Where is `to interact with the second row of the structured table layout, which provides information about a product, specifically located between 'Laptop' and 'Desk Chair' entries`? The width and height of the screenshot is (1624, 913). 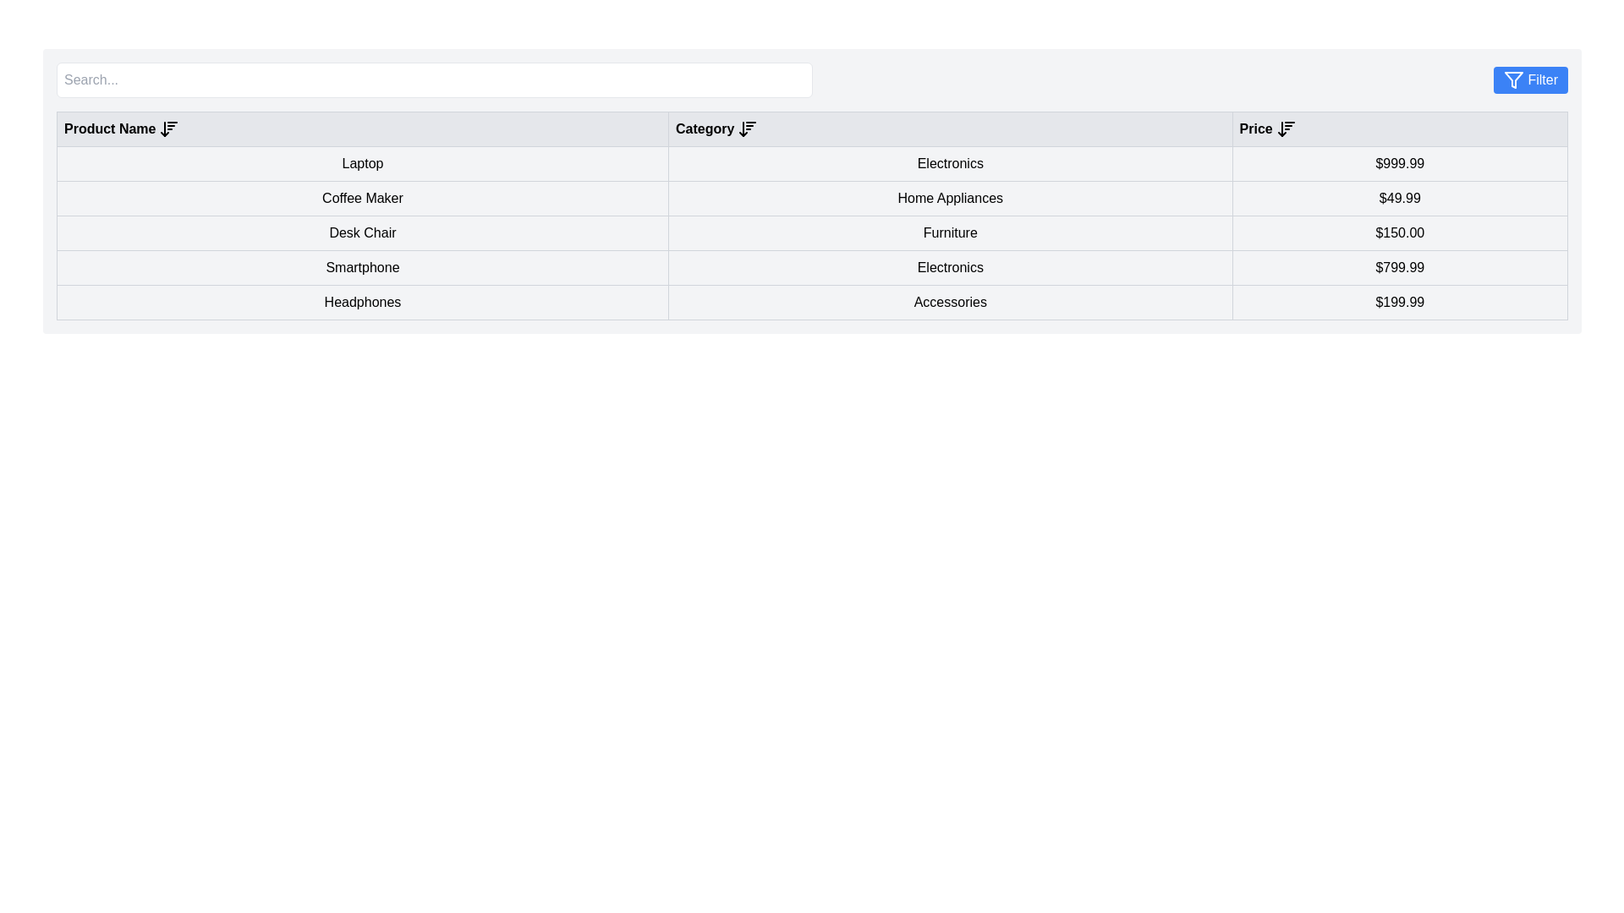 to interact with the second row of the structured table layout, which provides information about a product, specifically located between 'Laptop' and 'Desk Chair' entries is located at coordinates (812, 198).